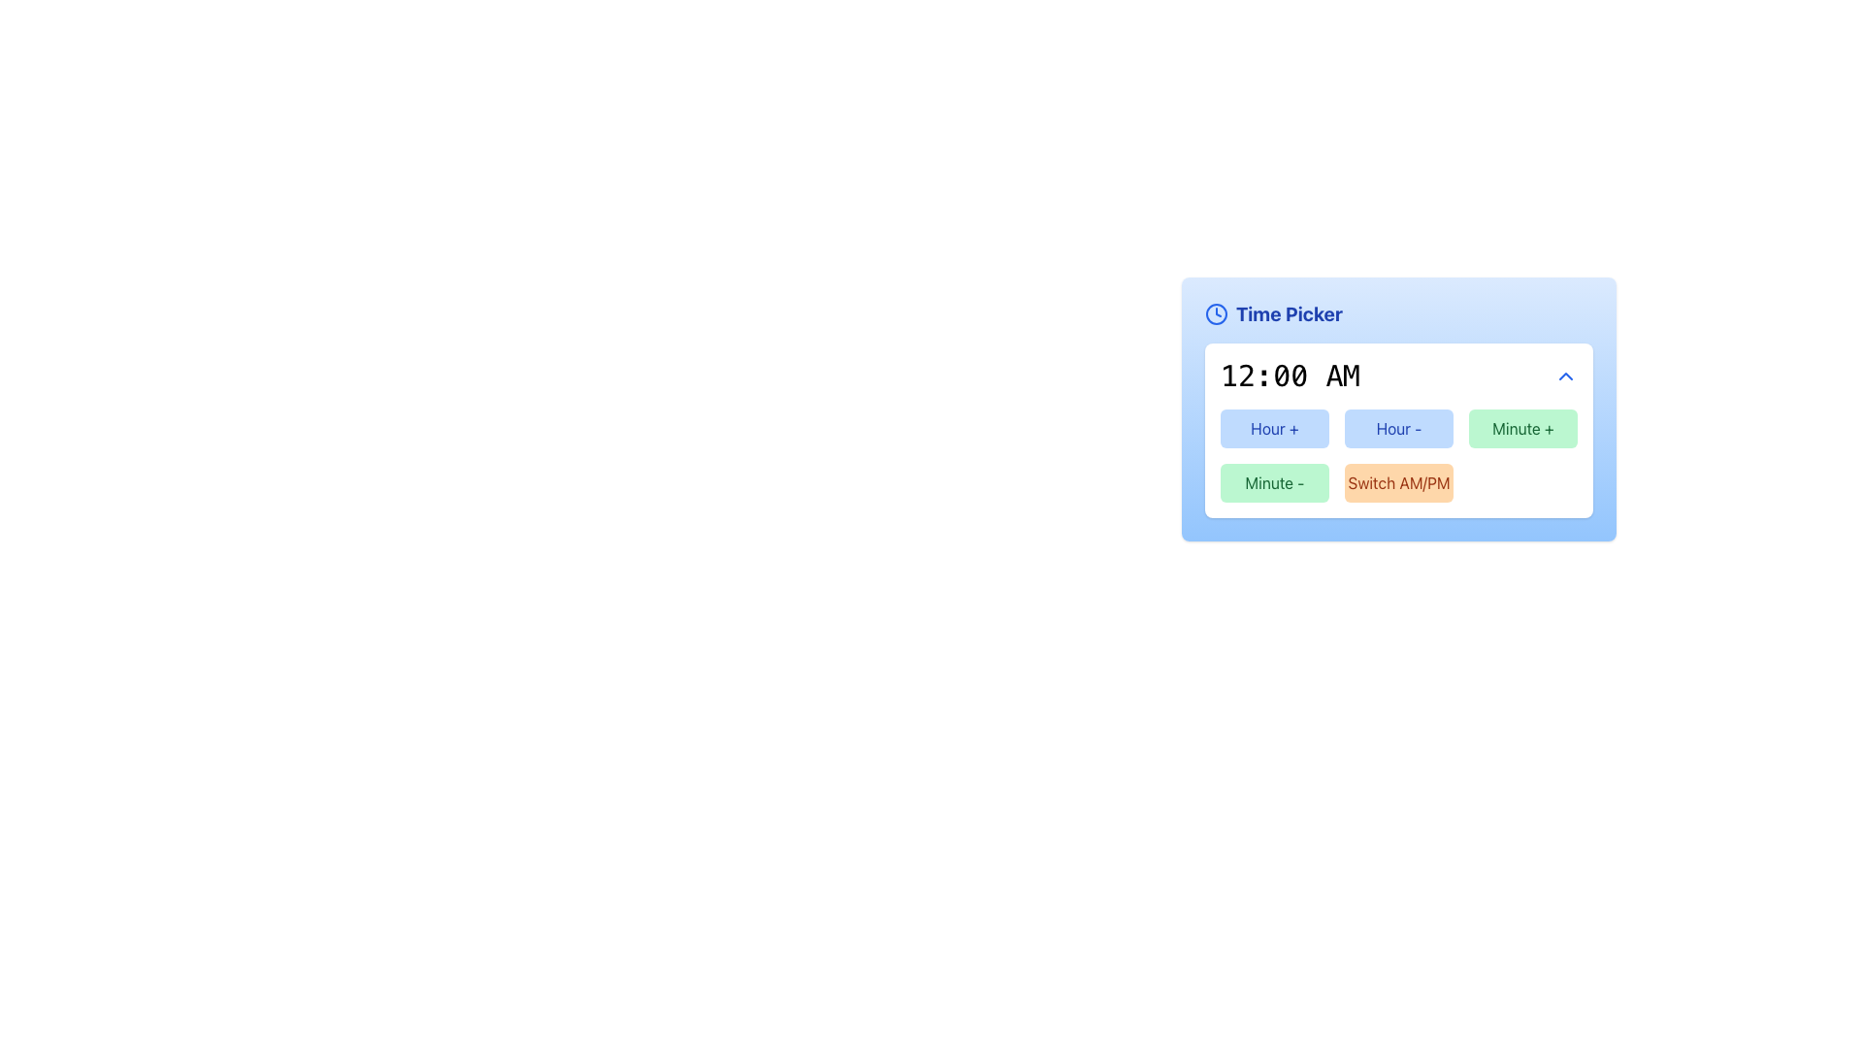 The width and height of the screenshot is (1863, 1048). What do you see at coordinates (1398, 428) in the screenshot?
I see `the light blue button labeled 'Hour -' in the time picker interface` at bounding box center [1398, 428].